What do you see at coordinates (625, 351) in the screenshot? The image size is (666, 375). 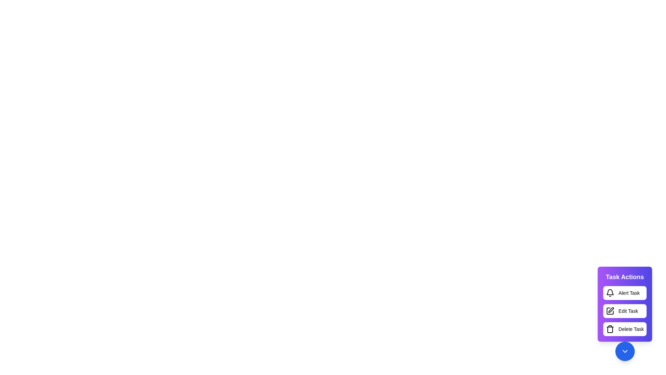 I see `the button at the bottom right corner to toggle the visibility of the Task Actions menu` at bounding box center [625, 351].